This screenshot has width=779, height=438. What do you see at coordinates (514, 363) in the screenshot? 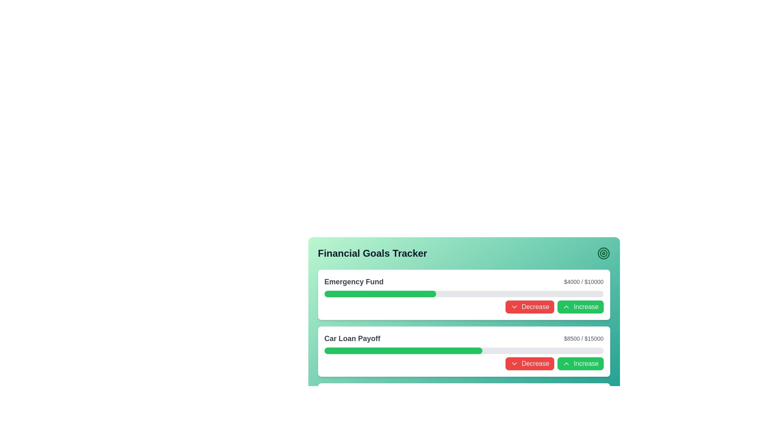
I see `the downward direction icon located in the upper-left section of the 'Decrease' button, which is situated` at bounding box center [514, 363].